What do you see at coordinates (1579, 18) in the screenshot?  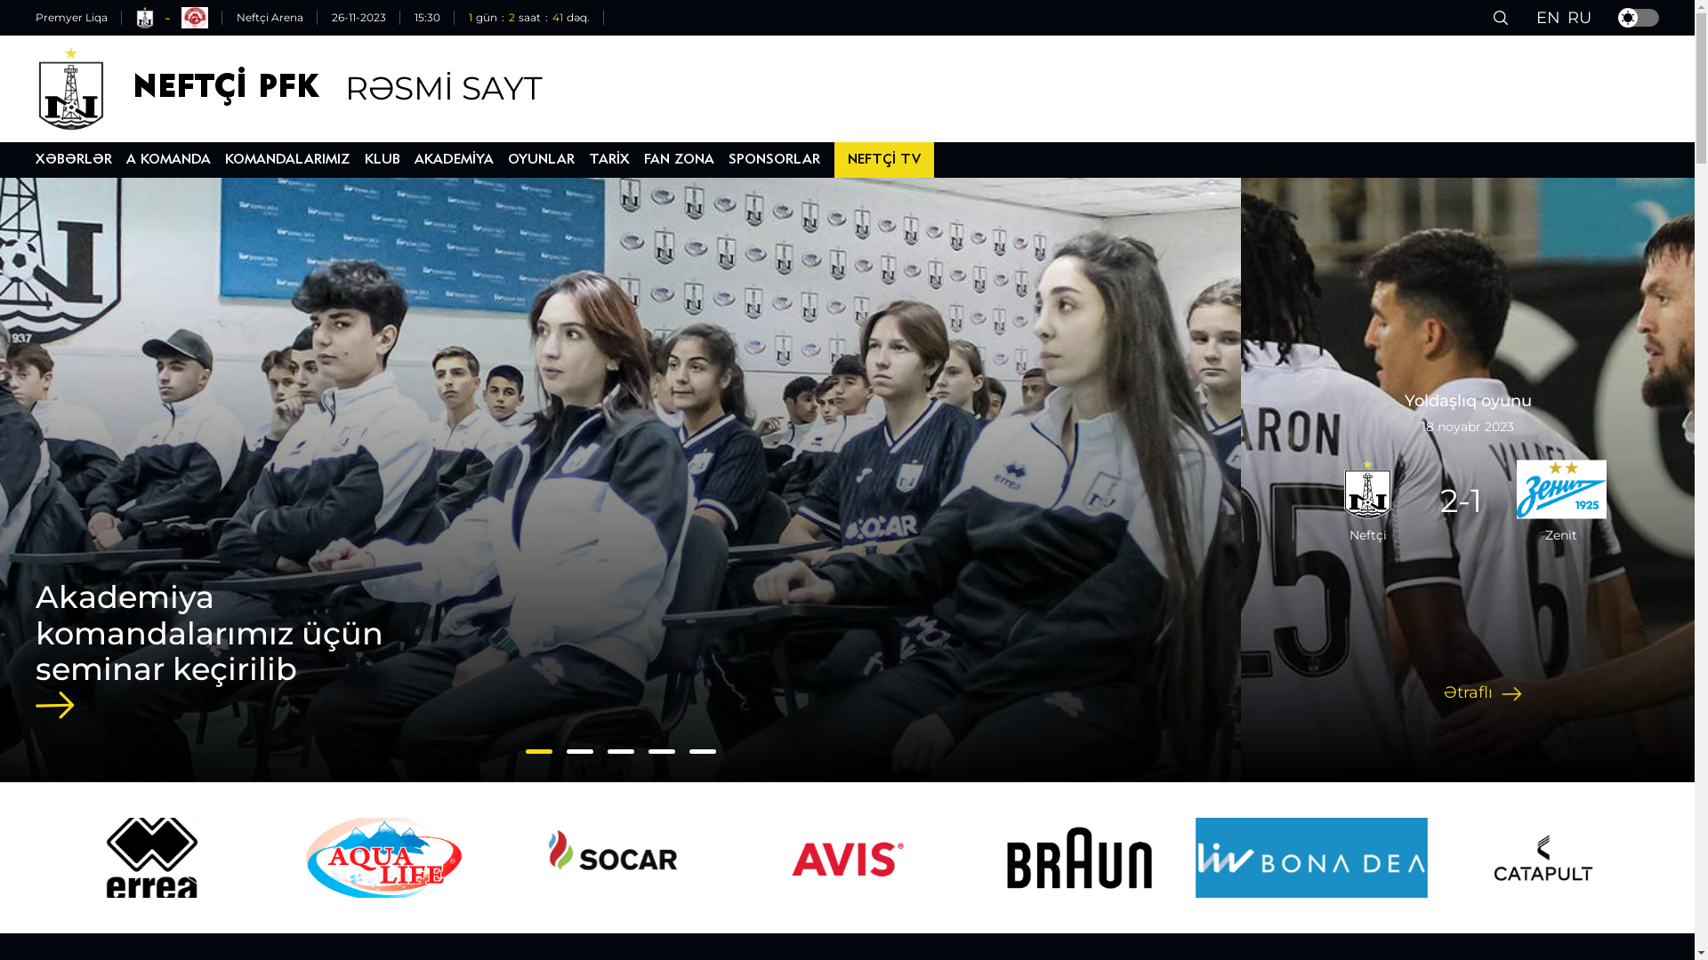 I see `'RU'` at bounding box center [1579, 18].